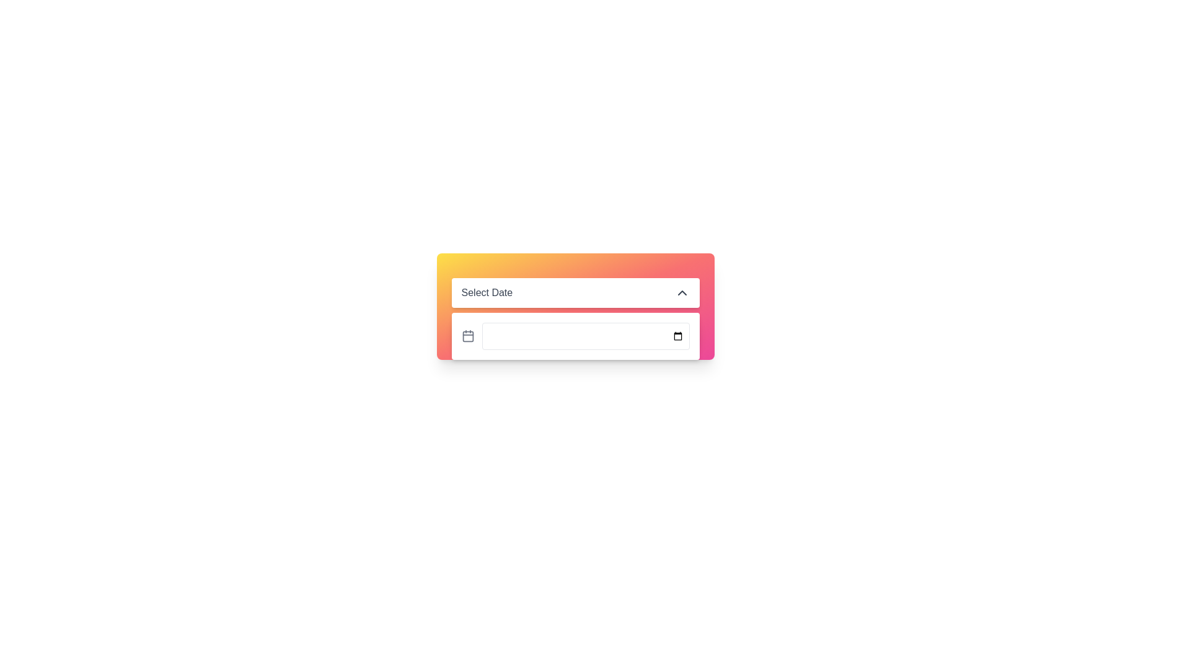  Describe the element at coordinates (585, 336) in the screenshot. I see `a date from the calendar by clicking on the Date Input Field, which is a rectangular input field with rounded corners, positioned centrally in its group alongside a calendar icon on the left and a dropdown icon on the right` at that location.